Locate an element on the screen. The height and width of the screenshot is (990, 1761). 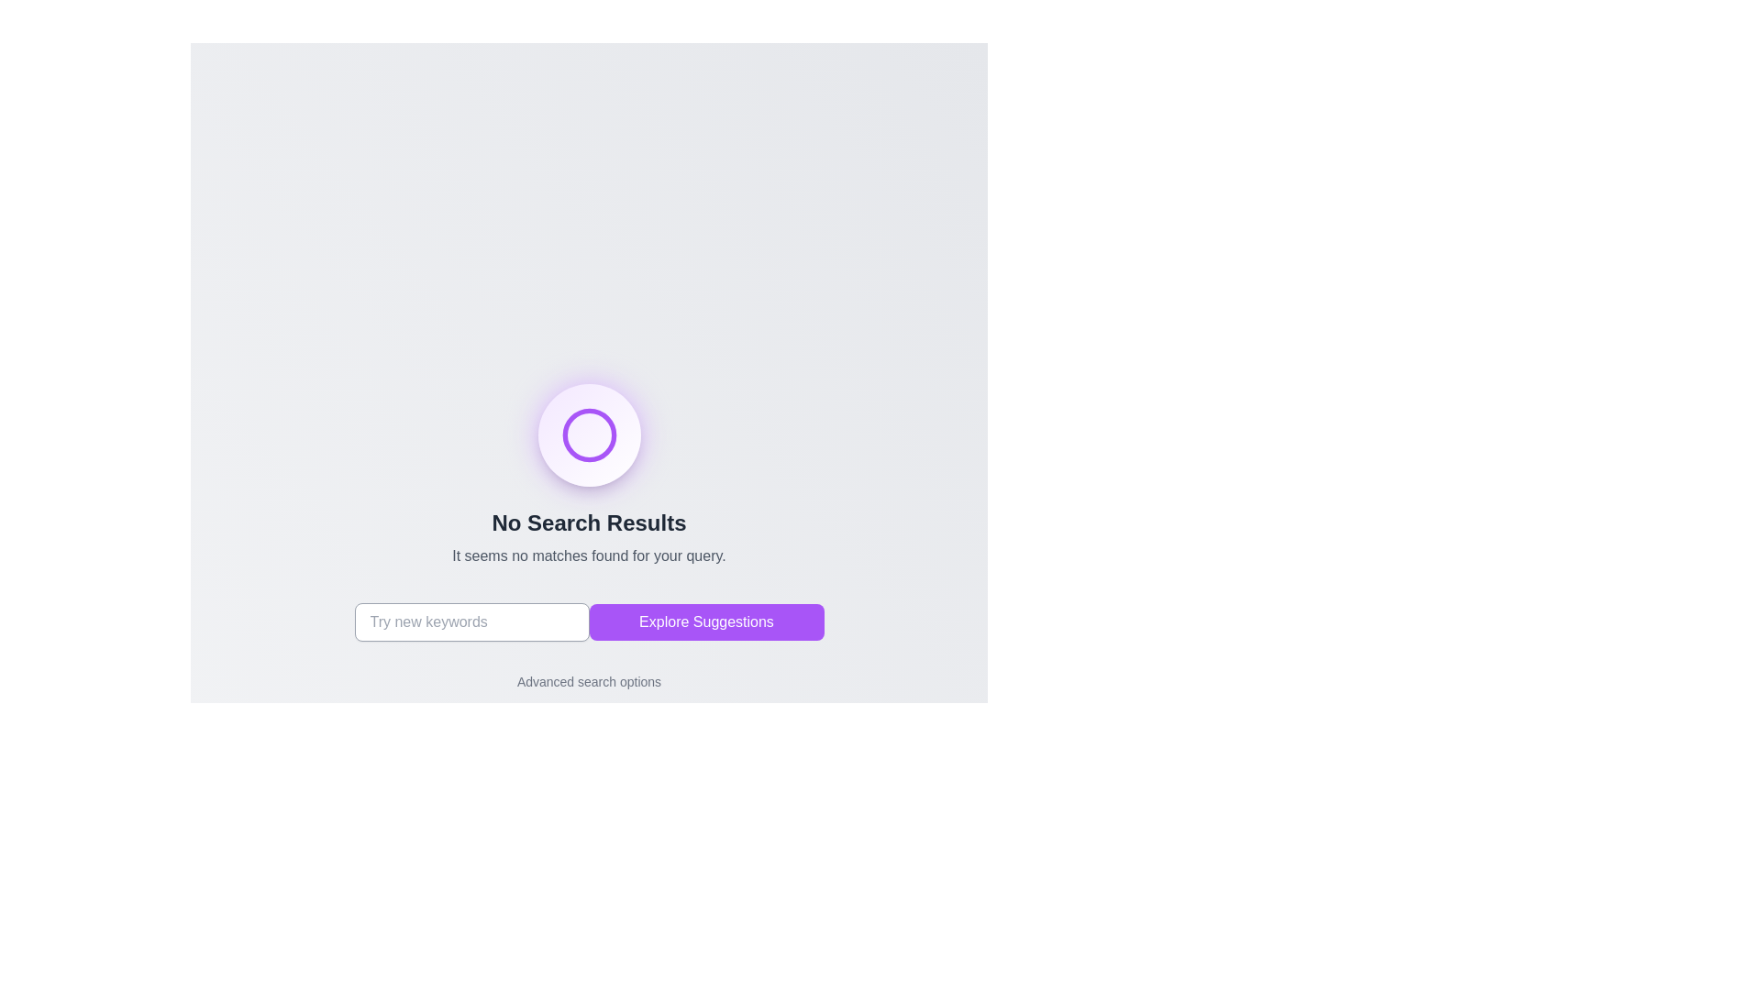
the Interactive text link located near the bottom of the interface, directly below the 'Explore Suggestions' button is located at coordinates (589, 681).